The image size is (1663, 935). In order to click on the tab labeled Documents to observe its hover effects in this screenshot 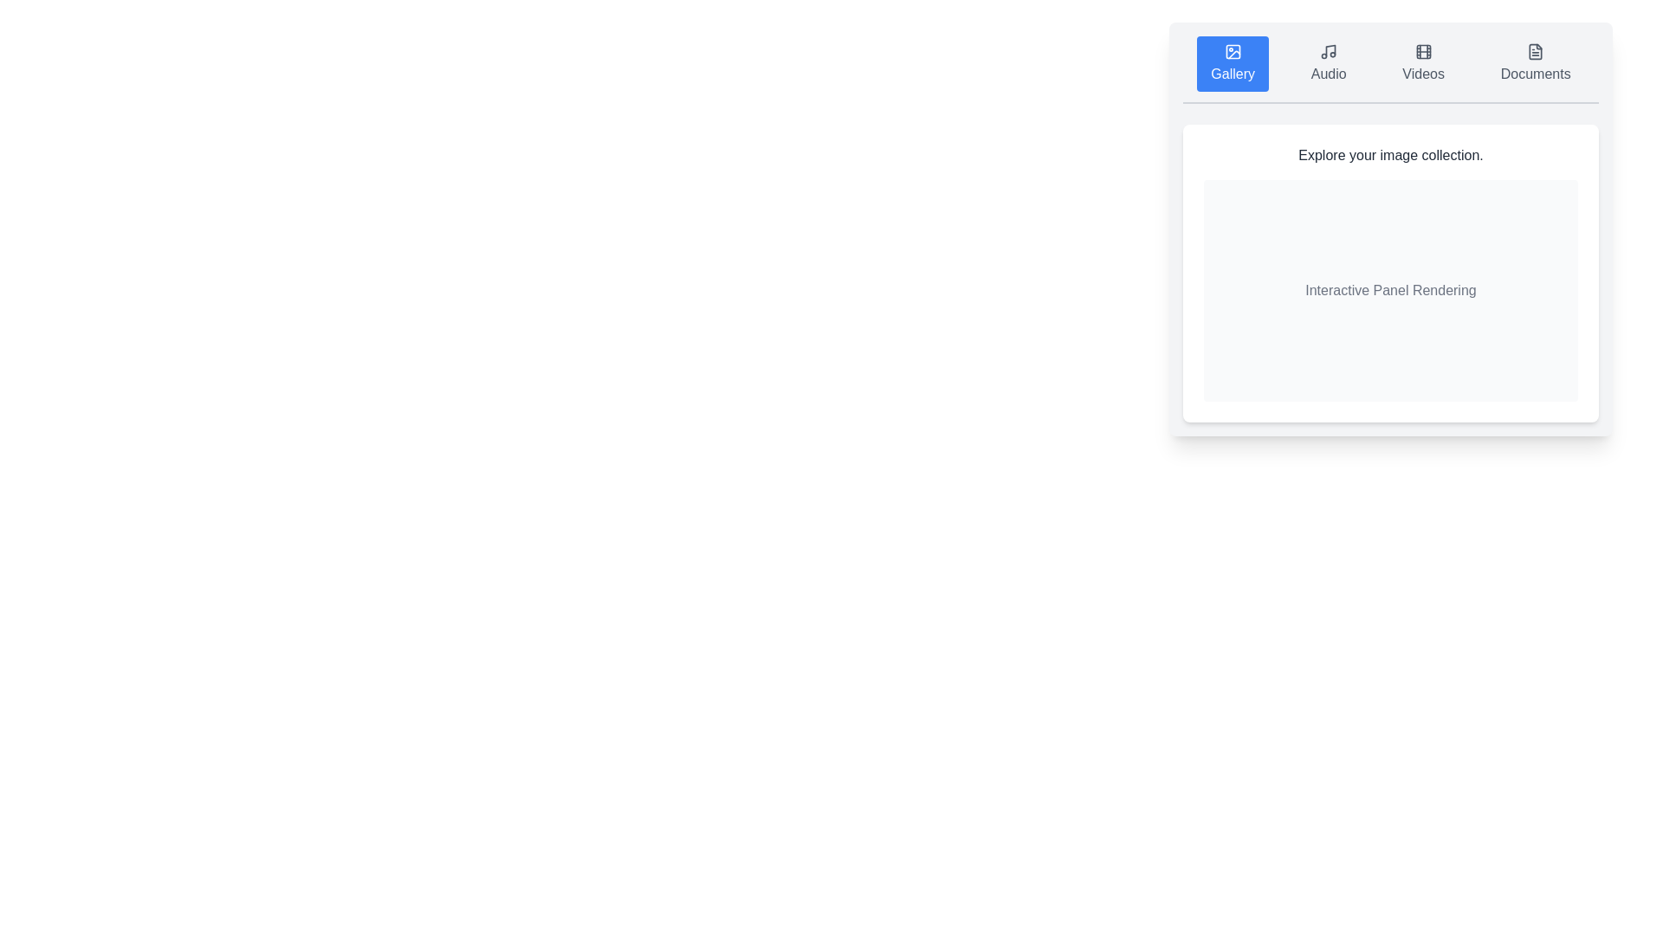, I will do `click(1536, 62)`.